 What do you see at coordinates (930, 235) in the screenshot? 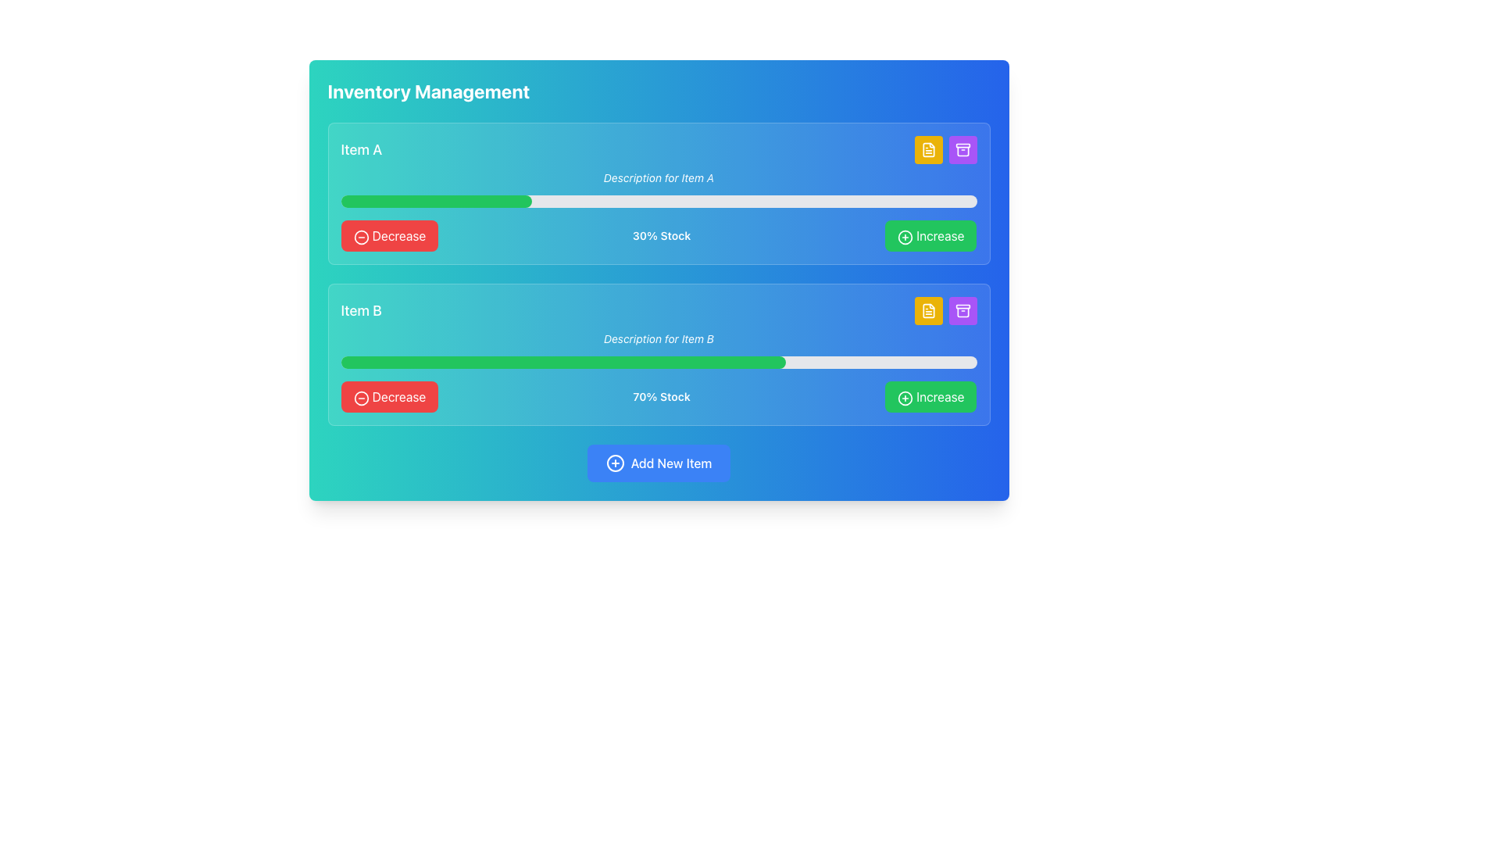
I see `the green rectangular button labeled 'Increase' located in the 'Item A' group, positioned to the right of a horizontal progress bar` at bounding box center [930, 235].